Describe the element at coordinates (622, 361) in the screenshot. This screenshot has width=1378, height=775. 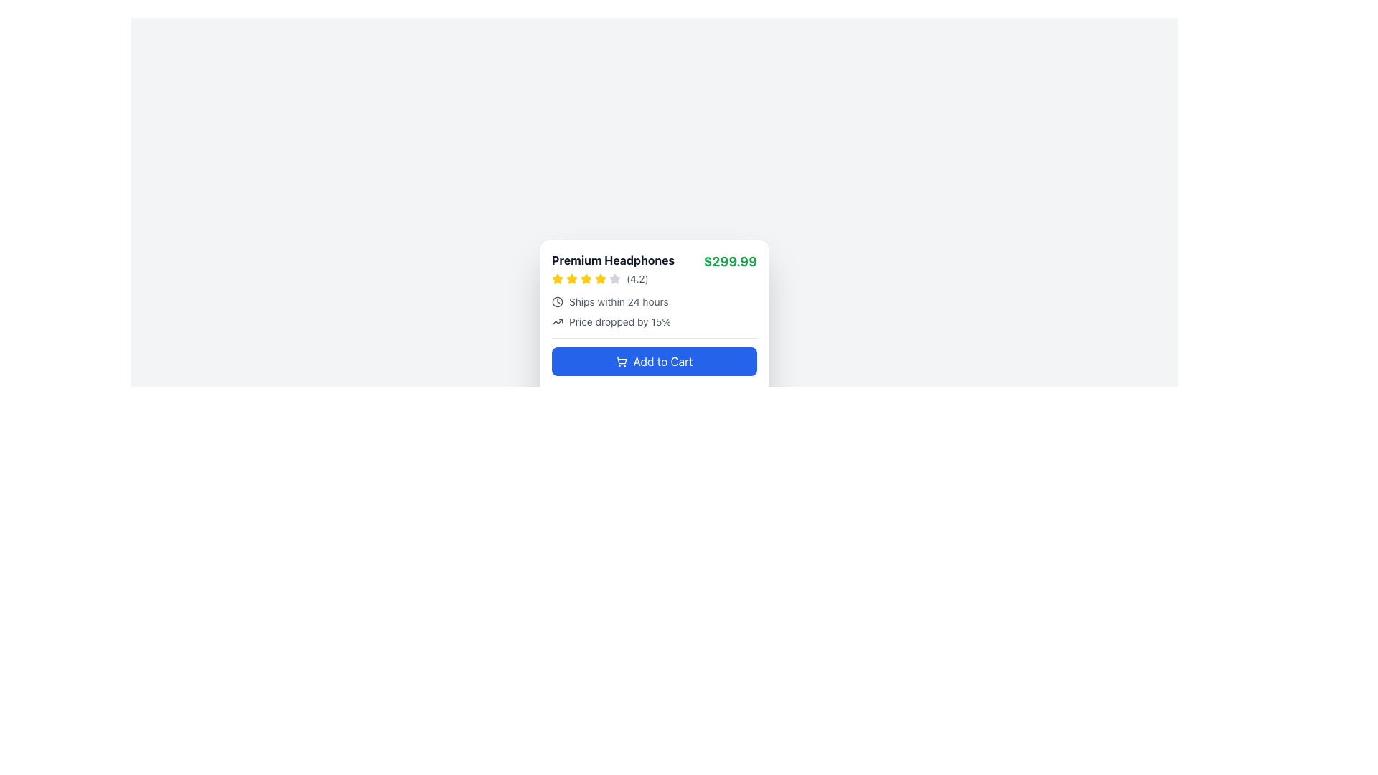
I see `the shopping cart icon located to the left of the 'Add to Cart' button` at that location.